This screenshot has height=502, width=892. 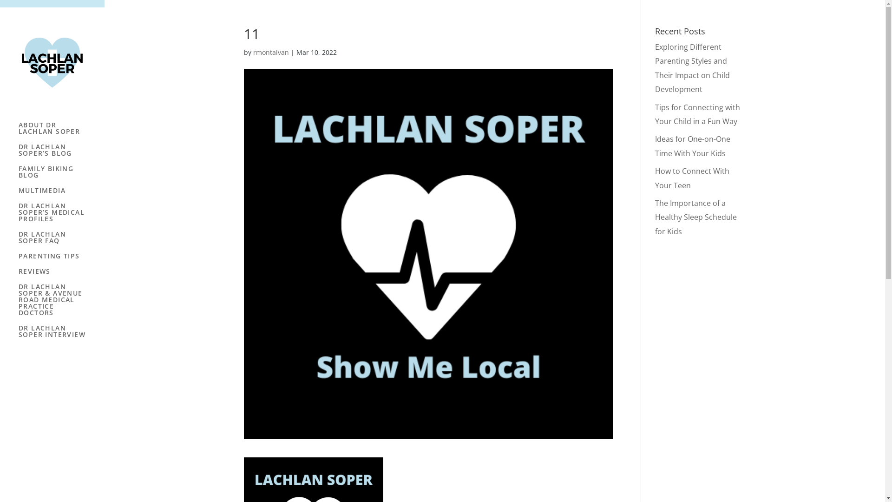 I want to click on 'How to Connect With Your Teen', so click(x=692, y=178).